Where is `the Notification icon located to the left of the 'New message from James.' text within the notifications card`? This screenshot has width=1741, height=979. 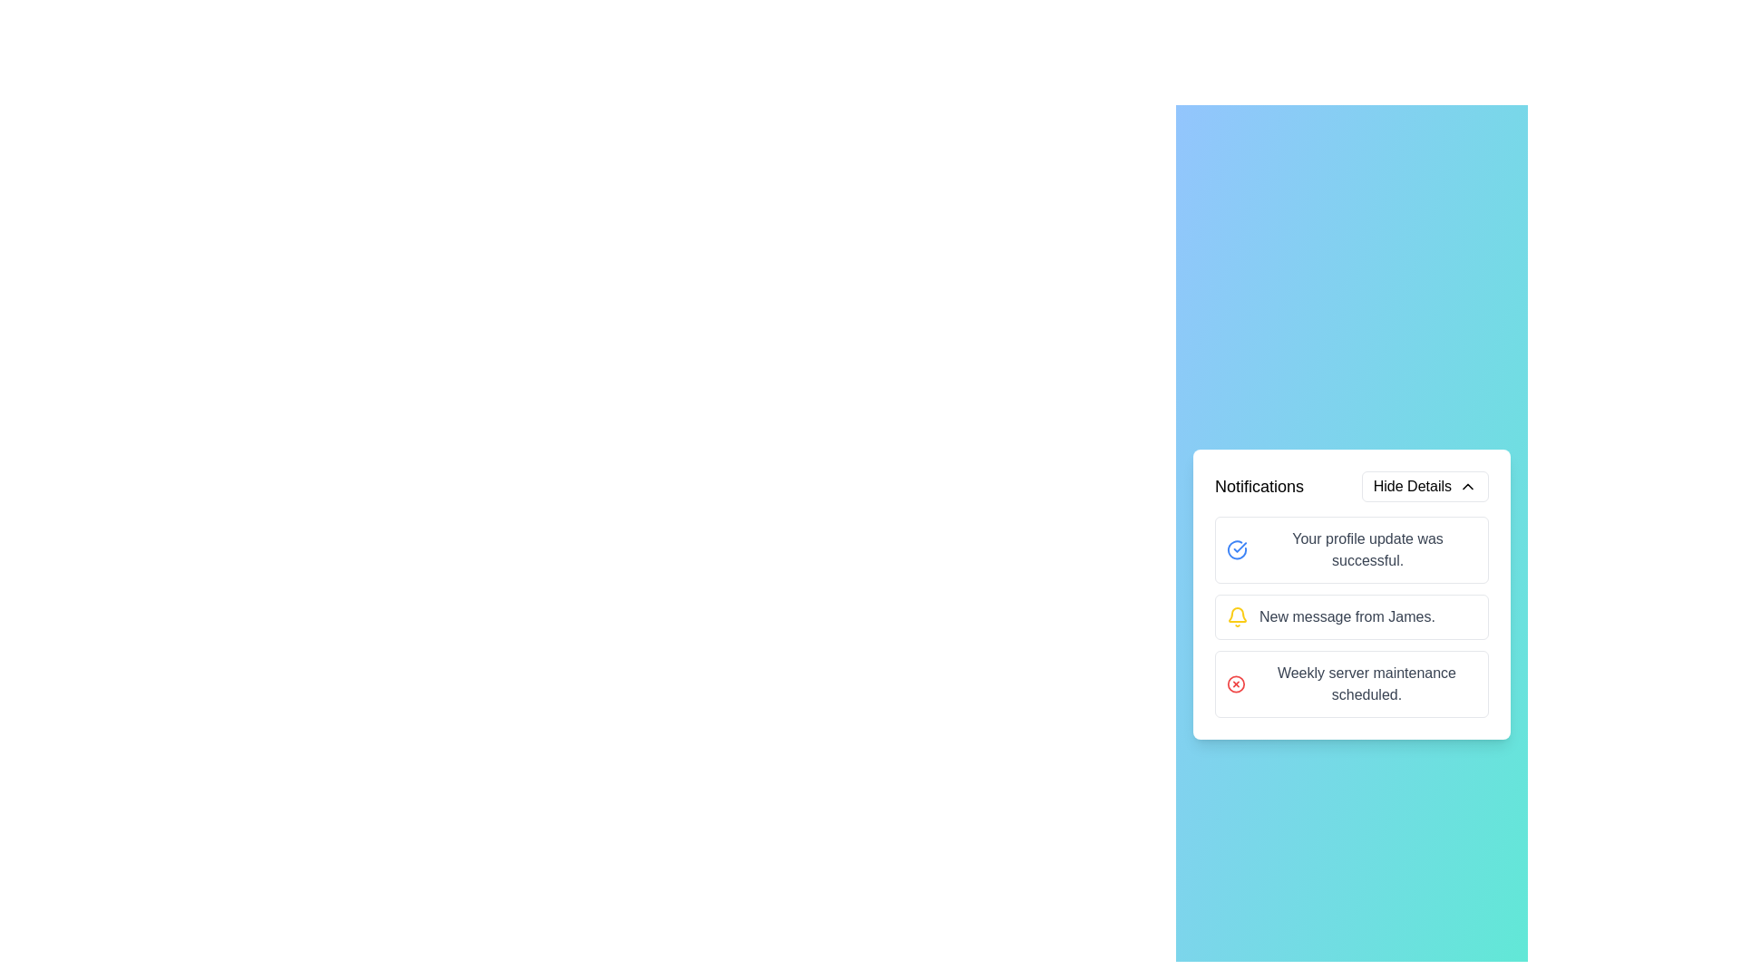 the Notification icon located to the left of the 'New message from James.' text within the notifications card is located at coordinates (1236, 616).